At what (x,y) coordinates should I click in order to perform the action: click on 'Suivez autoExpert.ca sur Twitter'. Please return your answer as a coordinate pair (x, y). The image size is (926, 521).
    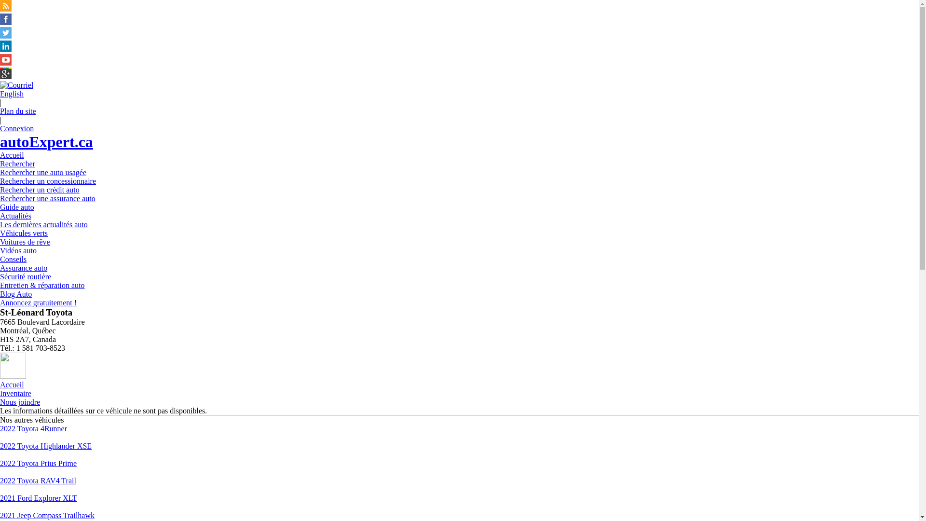
    Looking at the image, I should click on (0, 35).